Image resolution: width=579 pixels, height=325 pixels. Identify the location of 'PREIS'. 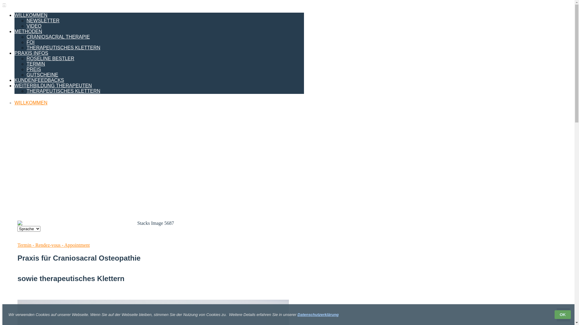
(33, 69).